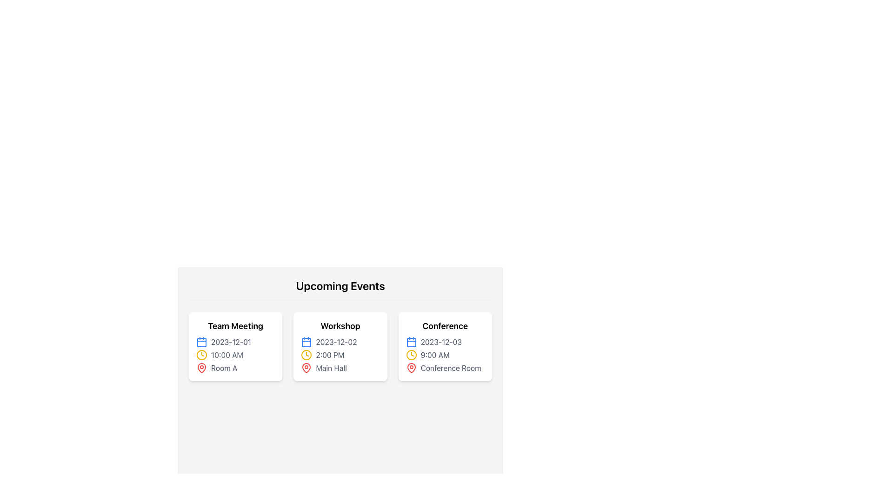  Describe the element at coordinates (235, 367) in the screenshot. I see `the text label with icon indicating the location of the 'Team Meeting' event, located at the bottom-left corner of the event card` at that location.